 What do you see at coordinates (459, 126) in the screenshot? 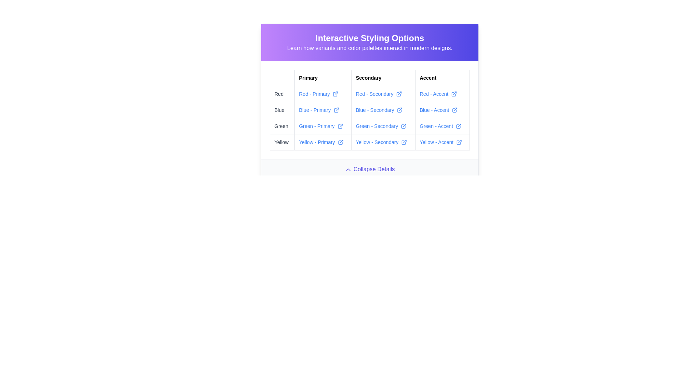
I see `the external link icon outlined in blue with an arrow pointing to the top-right corner, located adjacent to the text 'Green - Accent' in the table` at bounding box center [459, 126].